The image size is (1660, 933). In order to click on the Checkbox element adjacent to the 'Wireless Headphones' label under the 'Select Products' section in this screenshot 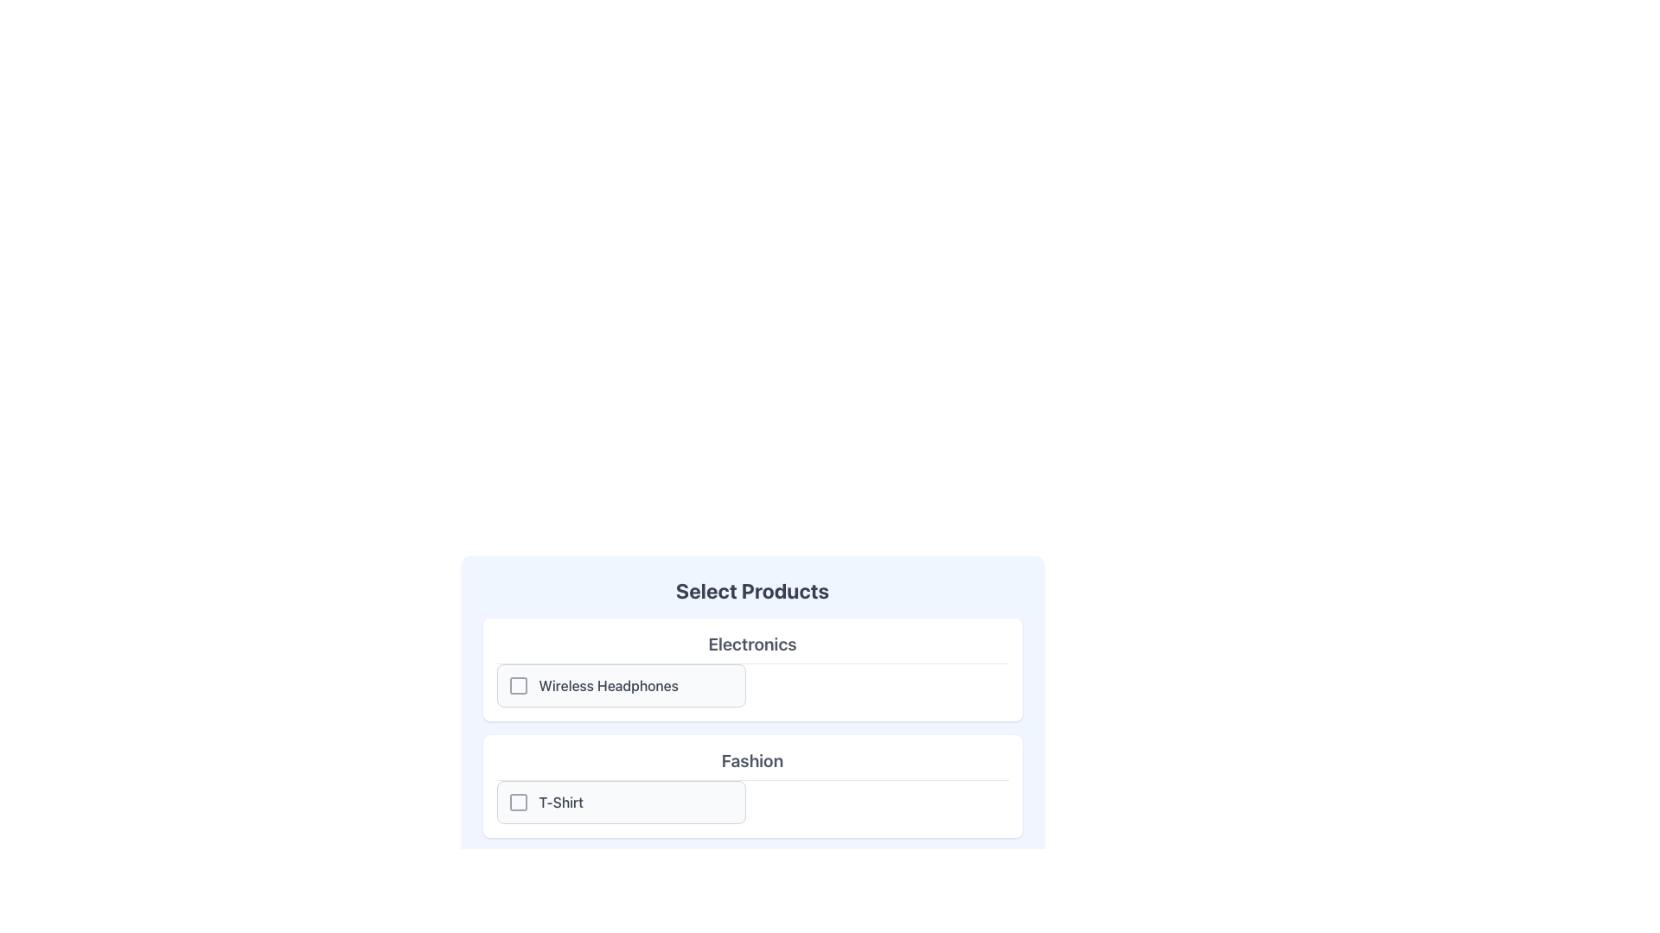, I will do `click(517, 685)`.